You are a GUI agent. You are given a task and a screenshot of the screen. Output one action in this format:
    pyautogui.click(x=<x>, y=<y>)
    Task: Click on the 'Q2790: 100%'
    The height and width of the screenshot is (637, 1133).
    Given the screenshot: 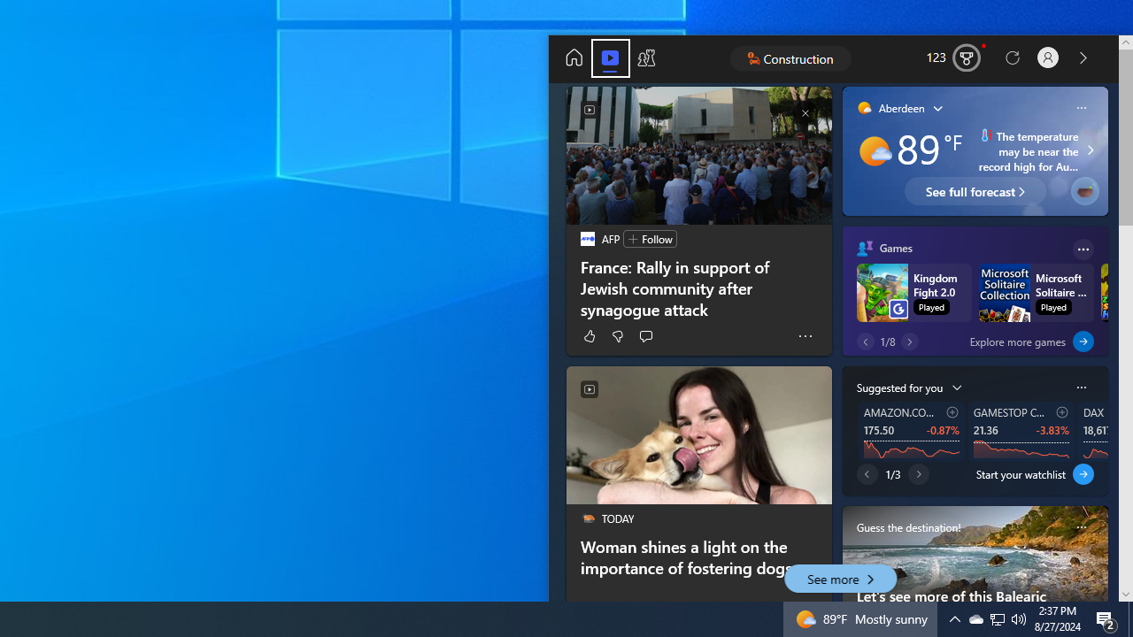 What is the action you would take?
    pyautogui.click(x=1019, y=618)
    